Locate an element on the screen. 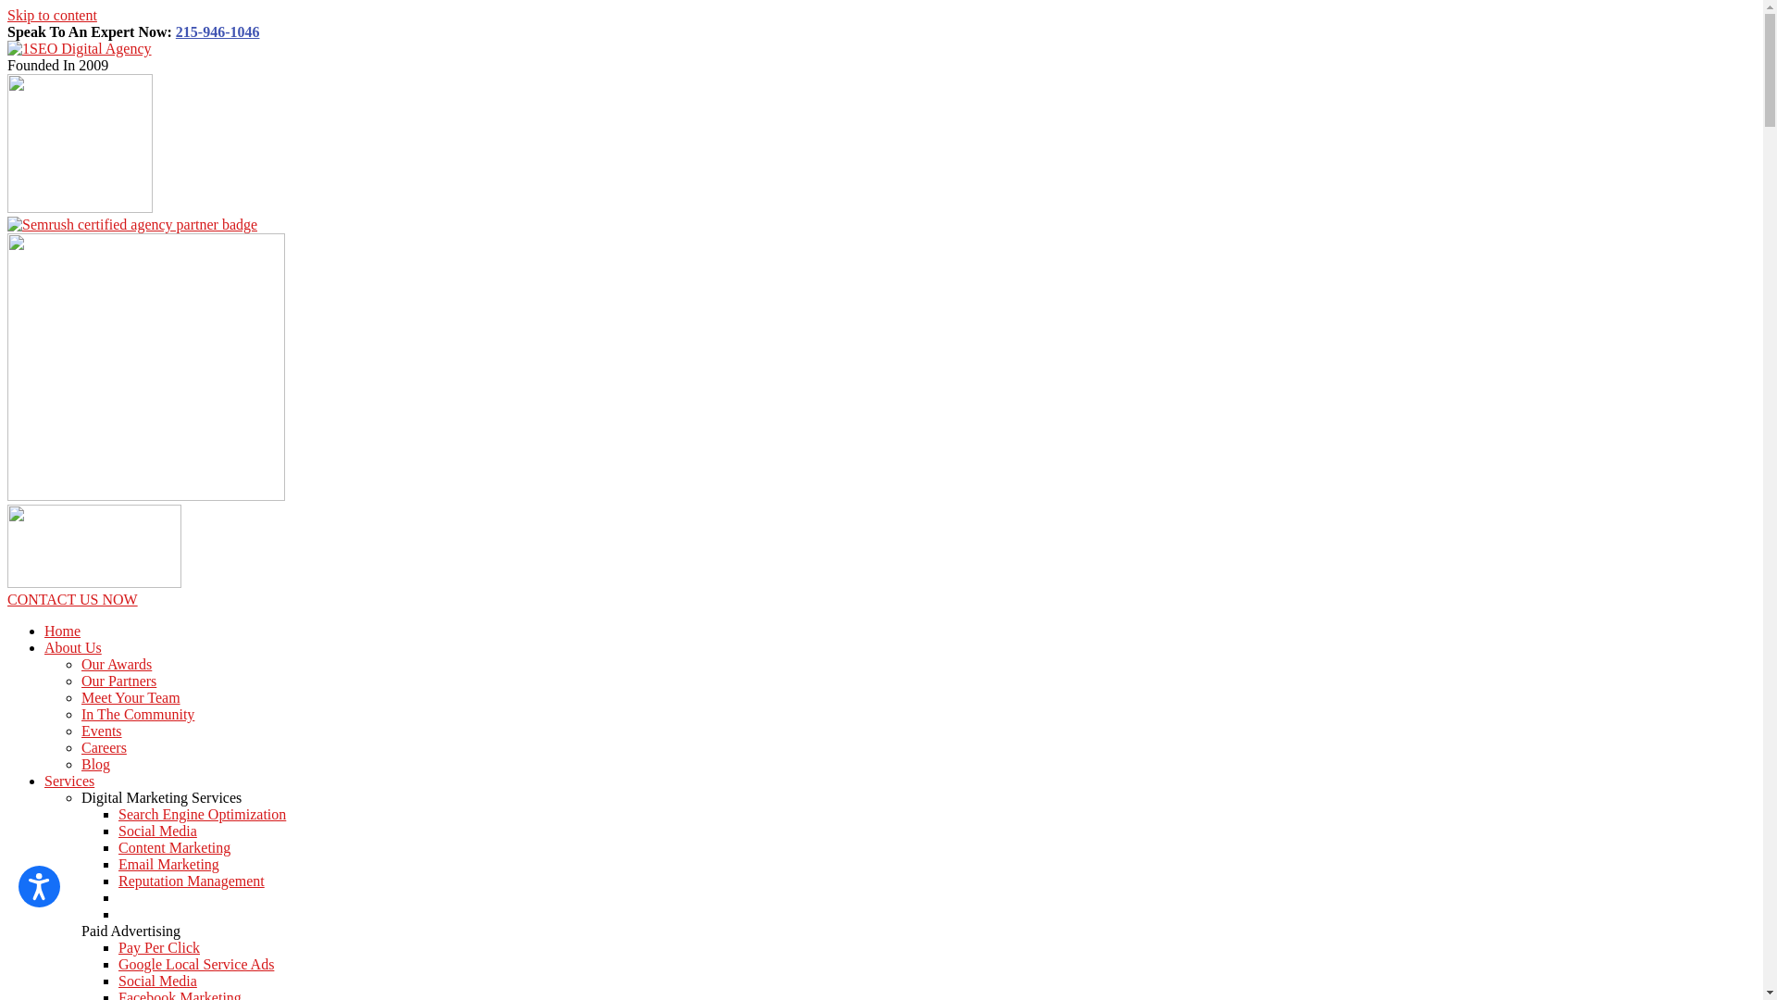  'Email Marketing' is located at coordinates (168, 864).